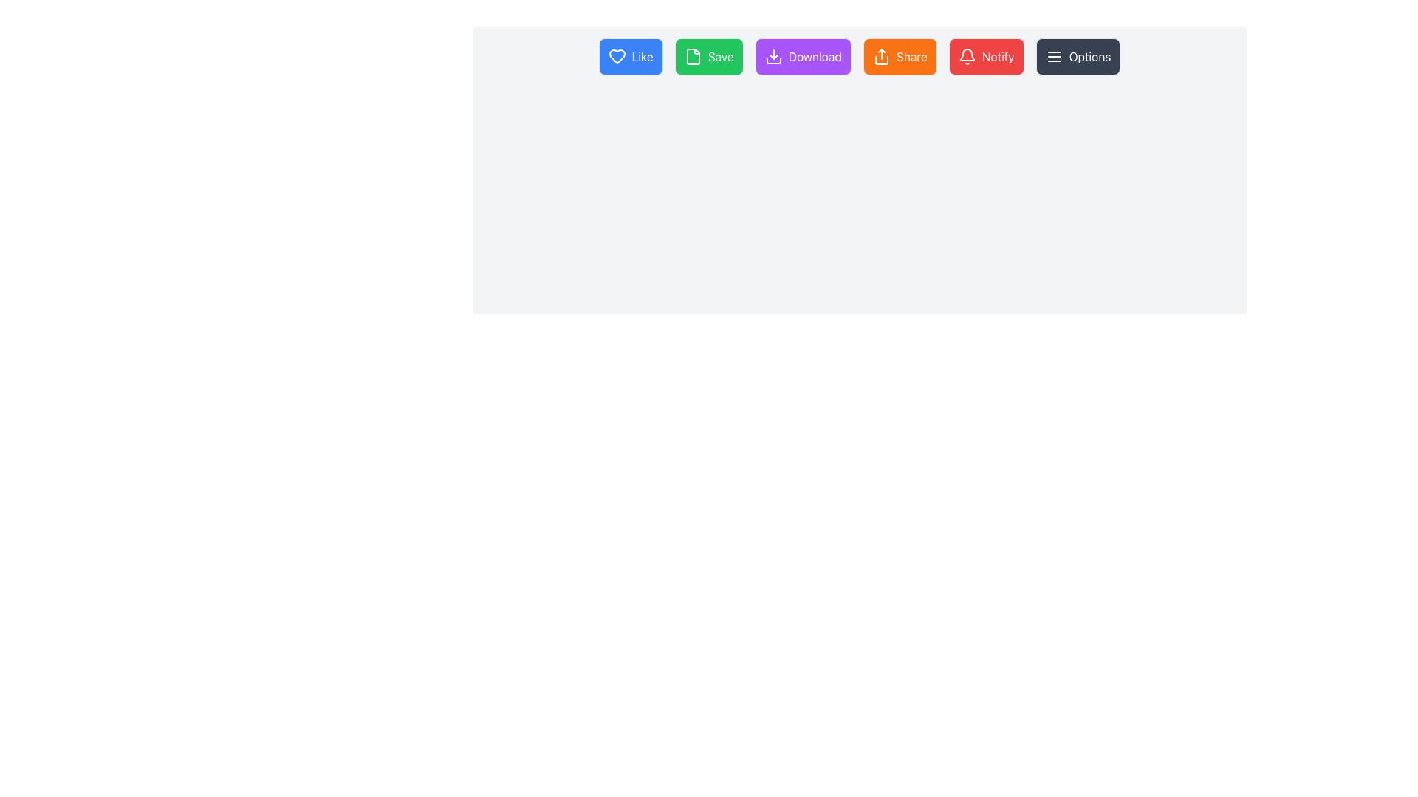 This screenshot has width=1418, height=797. What do you see at coordinates (899, 56) in the screenshot?
I see `the 'Share' button, which is a rectangular button with rounded corners, orange background, and white text, positioned between the 'Download' and 'Notify' buttons` at bounding box center [899, 56].